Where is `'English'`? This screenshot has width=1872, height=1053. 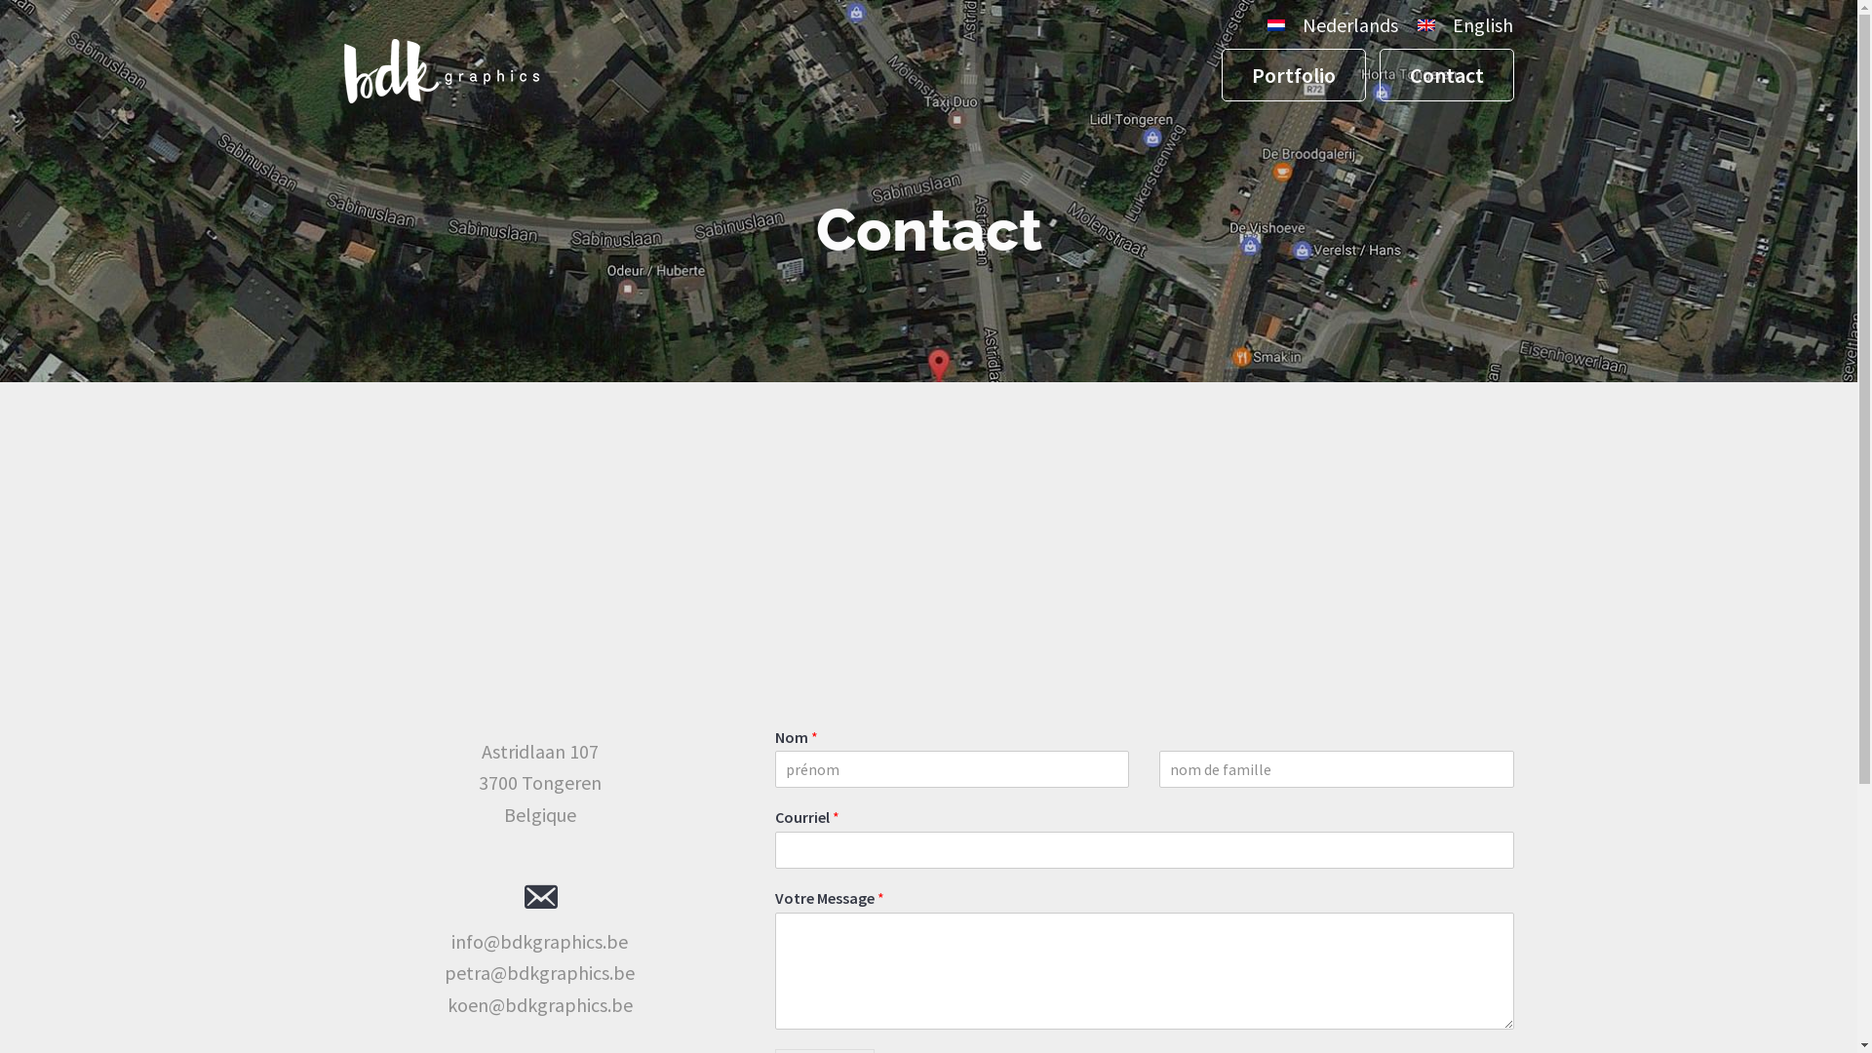 'English' is located at coordinates (1460, 26).